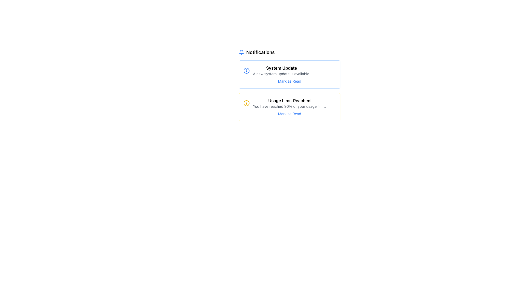 The height and width of the screenshot is (286, 509). I want to click on the Decorative icon with a yellow outline and a vertical line, located in the 'Usage Limit Reached' notification box, so click(246, 103).